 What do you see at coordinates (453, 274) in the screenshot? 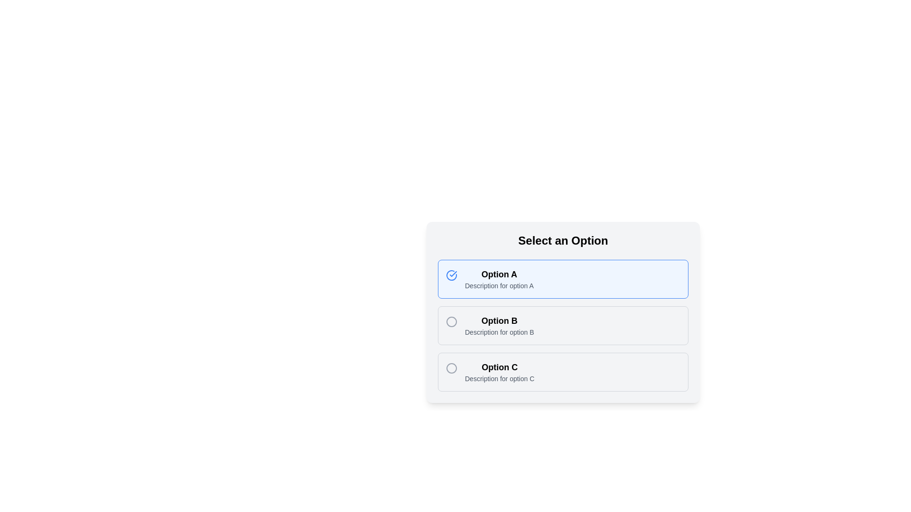
I see `the SVG checkmark icon that signifies the selection of 'Option A' in the multiple-choice list titled 'Select an Option'` at bounding box center [453, 274].